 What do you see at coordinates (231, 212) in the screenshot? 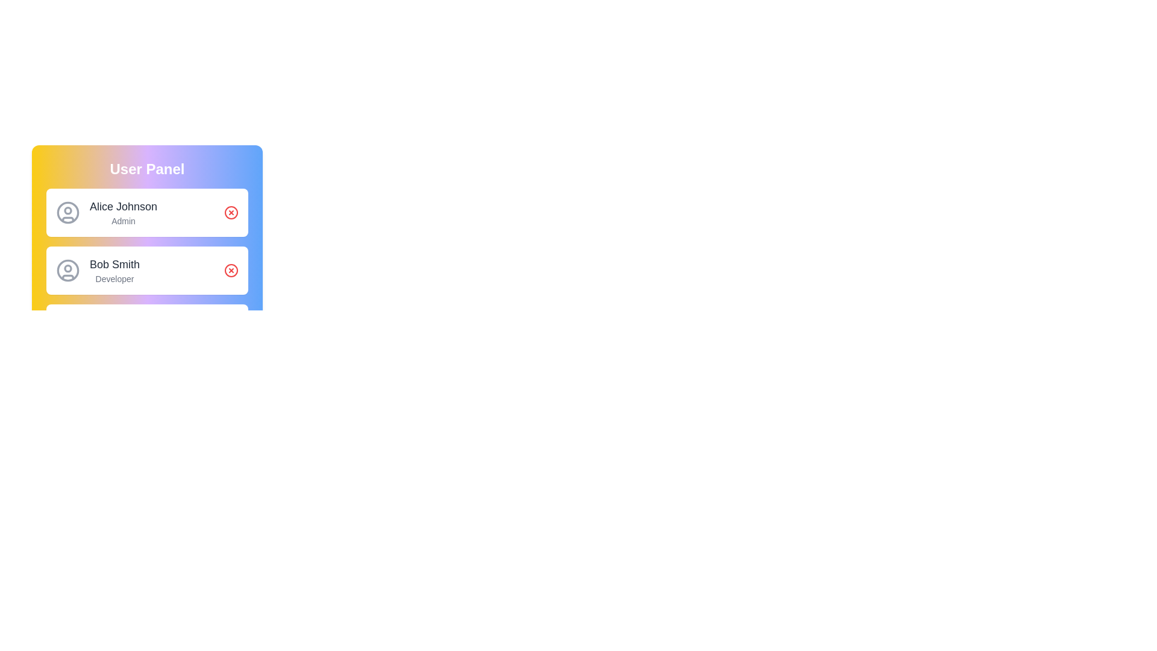
I see `the delete or close button on the far-right side of Alice Johnson's user information panel` at bounding box center [231, 212].